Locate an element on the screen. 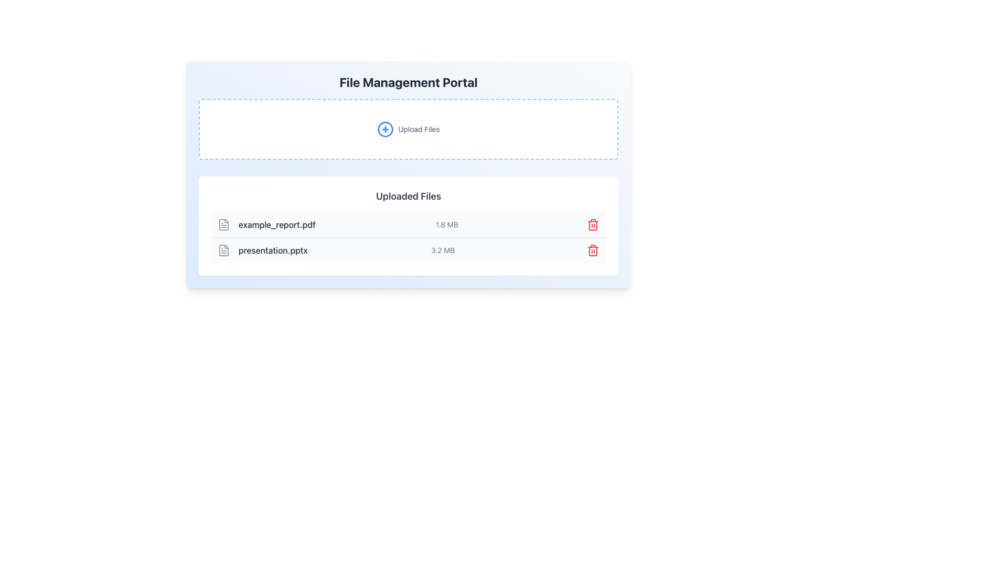 This screenshot has height=566, width=1007. the text label displaying 'example_report.pdf' in the 'Uploaded Files' section of the file management interface is located at coordinates (266, 224).